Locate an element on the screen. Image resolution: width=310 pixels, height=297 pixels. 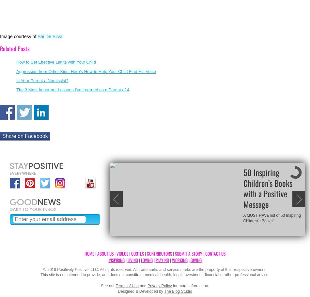
'Privacy Policy' is located at coordinates (159, 286).